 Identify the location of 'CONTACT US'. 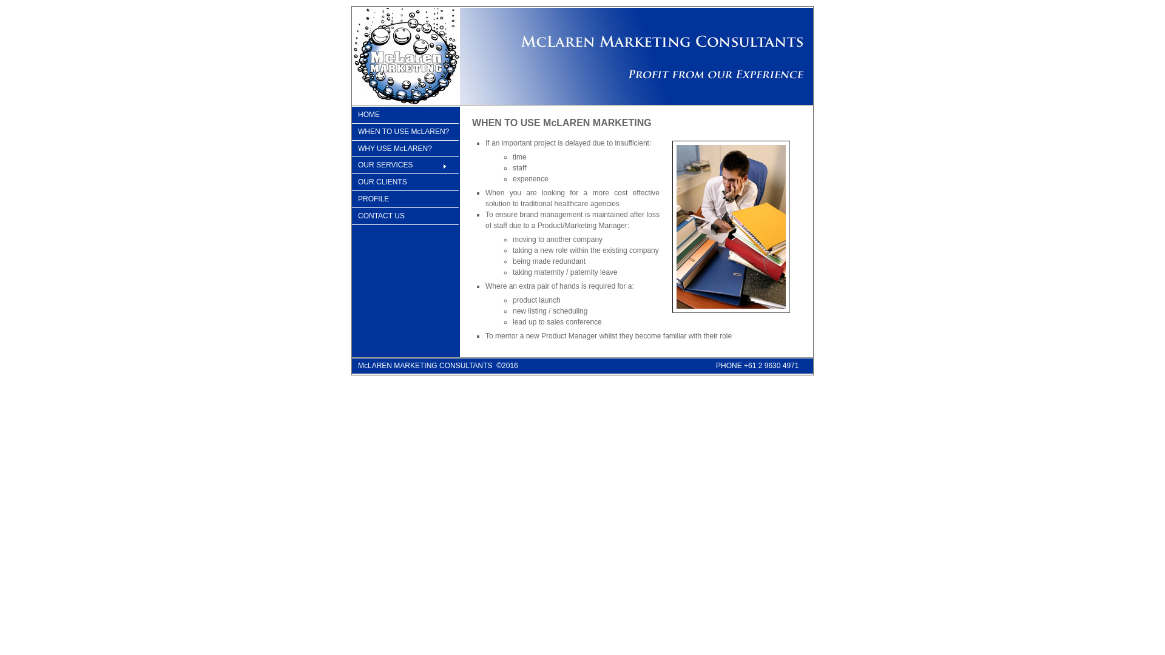
(351, 216).